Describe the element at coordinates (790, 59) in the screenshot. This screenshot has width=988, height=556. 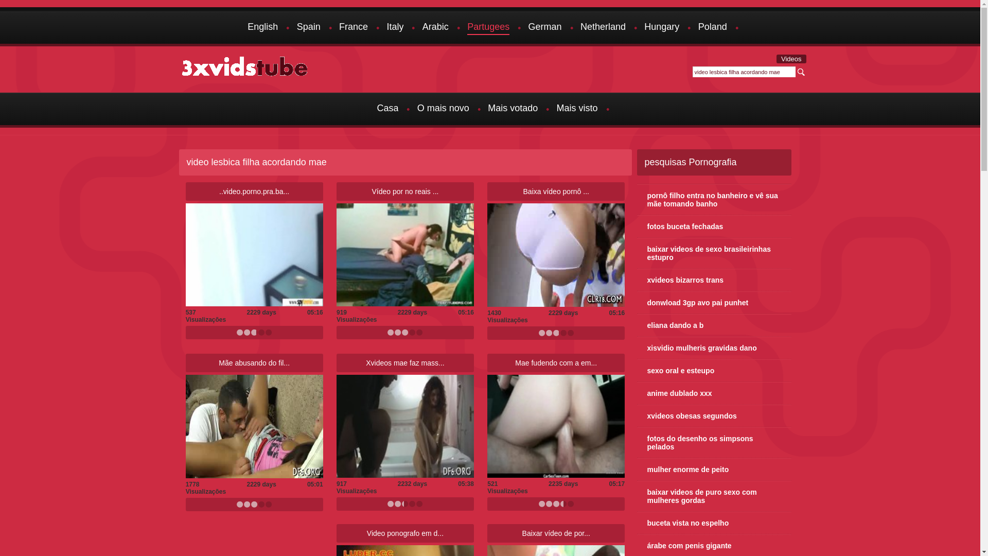
I see `'Videos'` at that location.